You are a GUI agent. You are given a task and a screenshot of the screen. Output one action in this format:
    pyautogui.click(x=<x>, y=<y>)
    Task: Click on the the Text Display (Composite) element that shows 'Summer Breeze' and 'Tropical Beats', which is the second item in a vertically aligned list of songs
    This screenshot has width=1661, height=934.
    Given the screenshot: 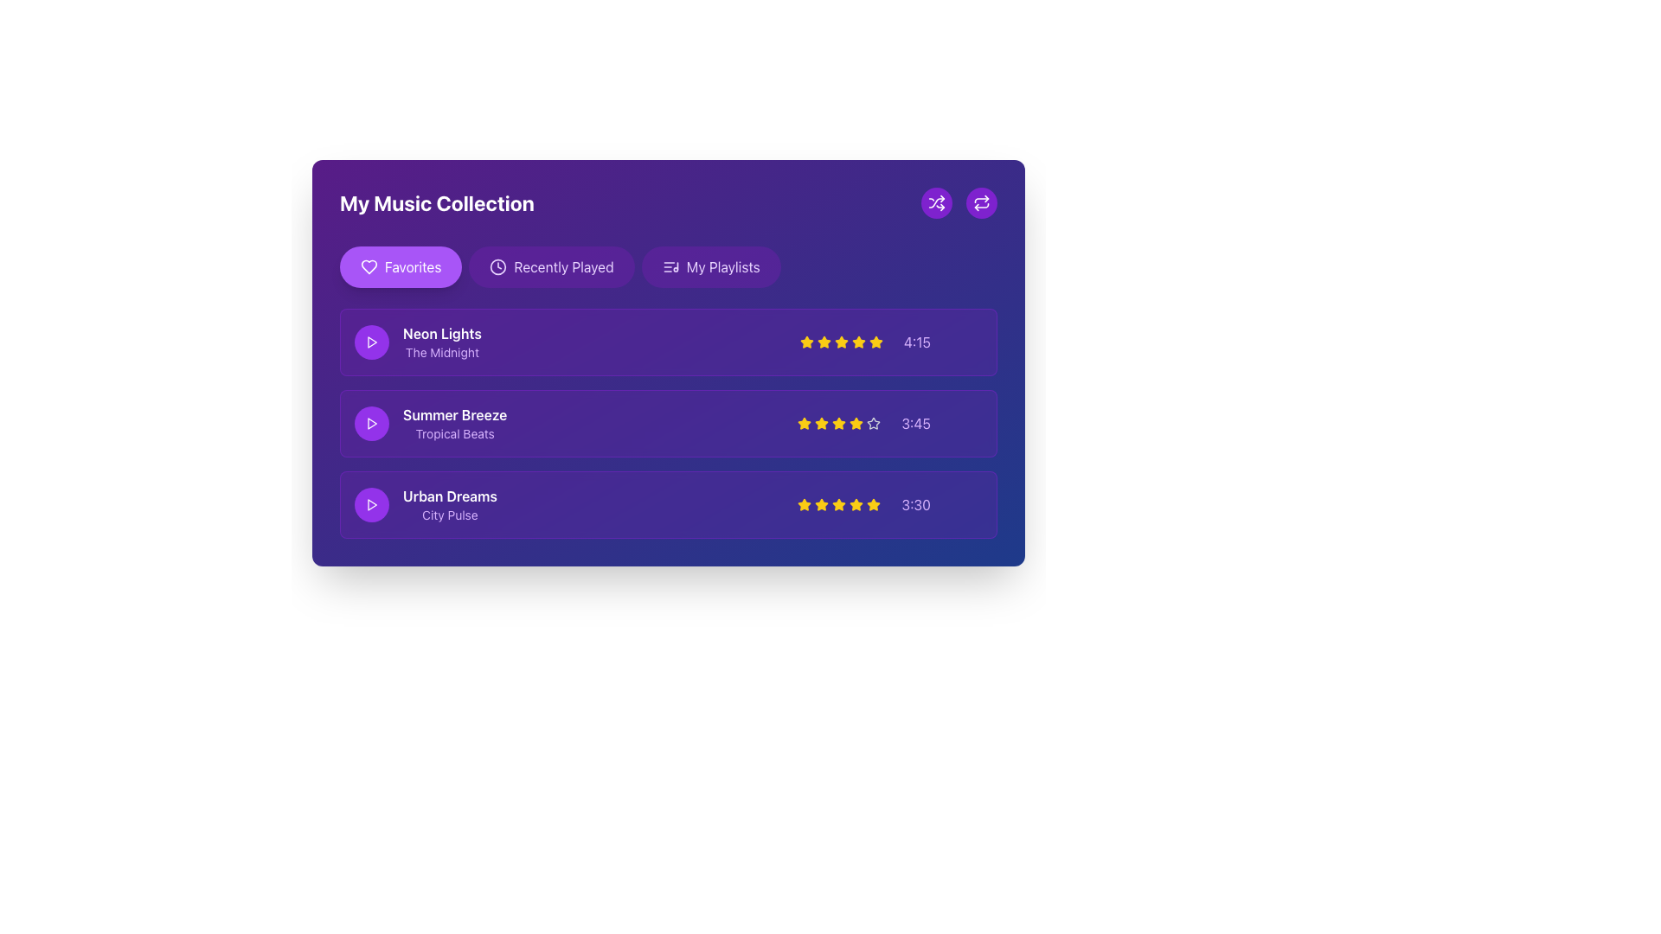 What is the action you would take?
    pyautogui.click(x=455, y=423)
    